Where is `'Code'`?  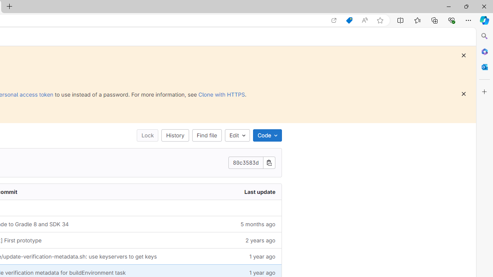
'Code' is located at coordinates (267, 135).